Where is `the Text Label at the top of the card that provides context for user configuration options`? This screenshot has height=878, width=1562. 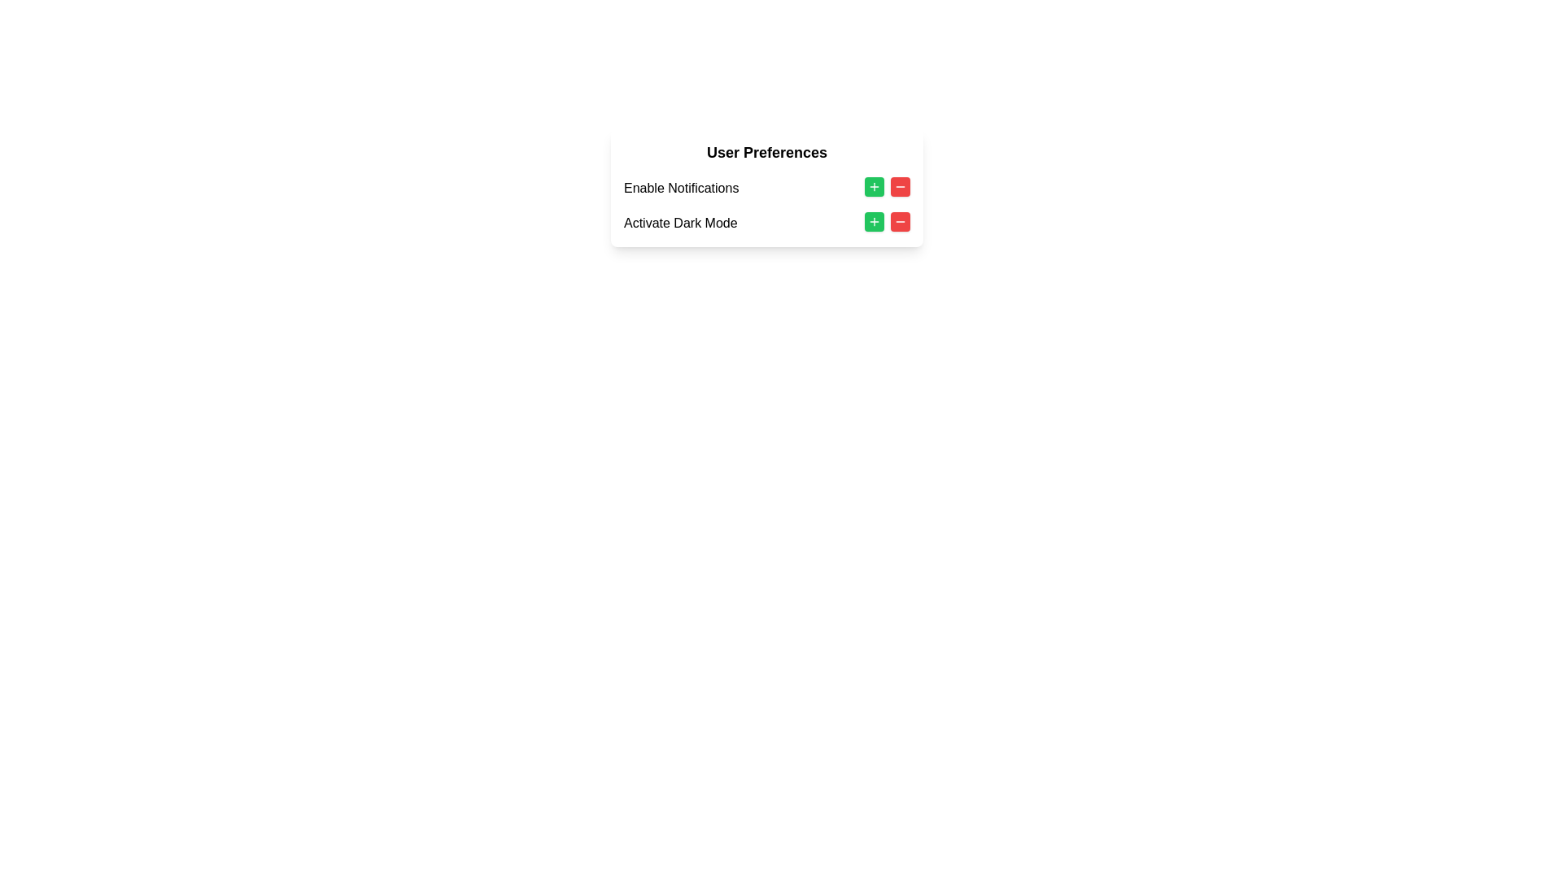 the Text Label at the top of the card that provides context for user configuration options is located at coordinates (766, 153).